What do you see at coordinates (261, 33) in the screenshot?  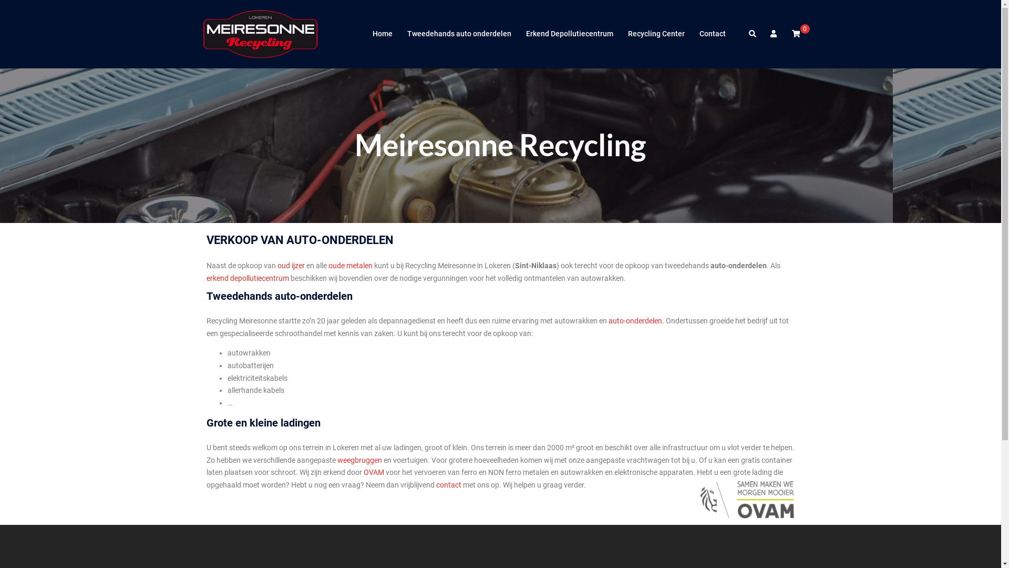 I see `'Meiresonne'` at bounding box center [261, 33].